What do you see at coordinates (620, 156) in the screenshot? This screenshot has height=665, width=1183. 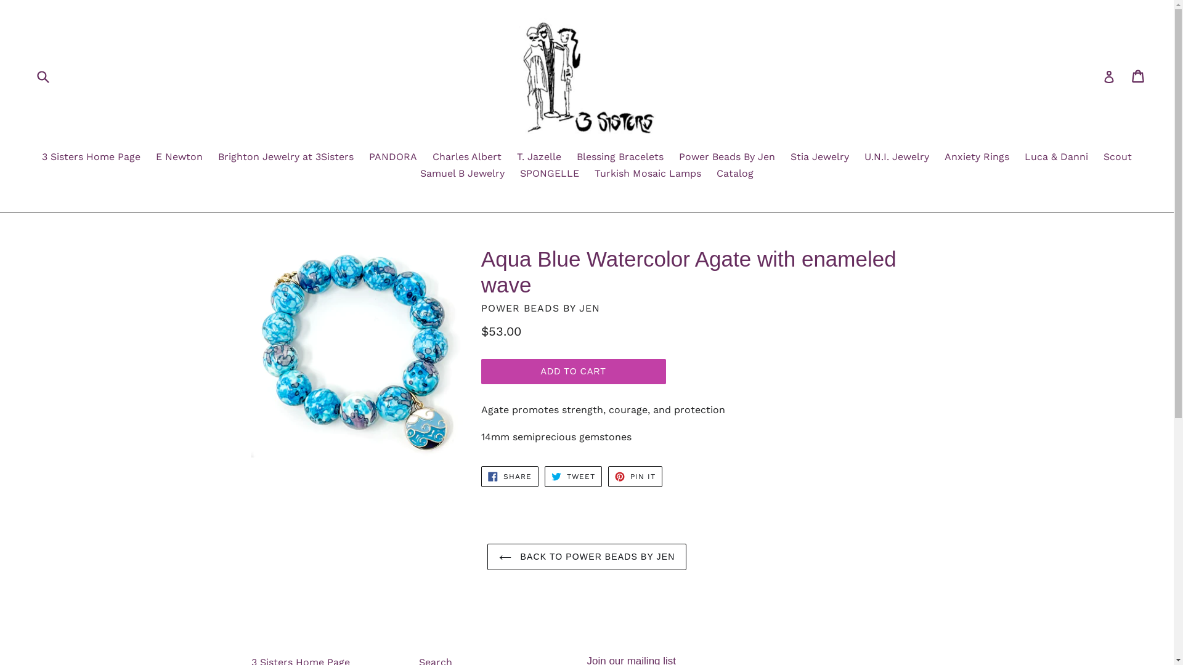 I see `'Blessing Bracelets'` at bounding box center [620, 156].